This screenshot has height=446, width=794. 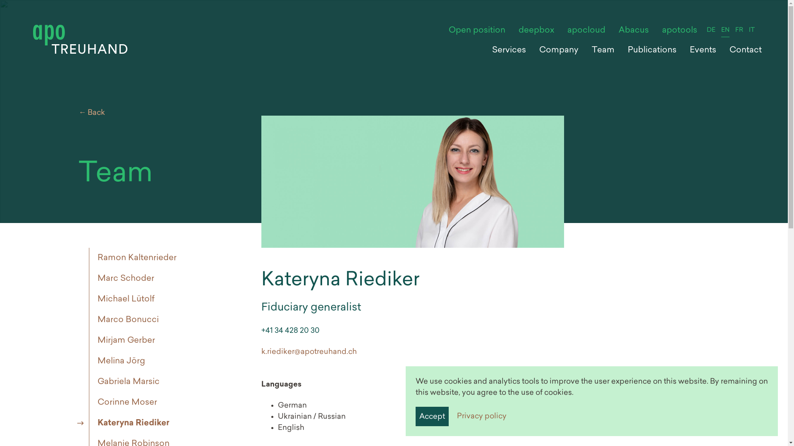 What do you see at coordinates (739, 30) in the screenshot?
I see `'FR'` at bounding box center [739, 30].